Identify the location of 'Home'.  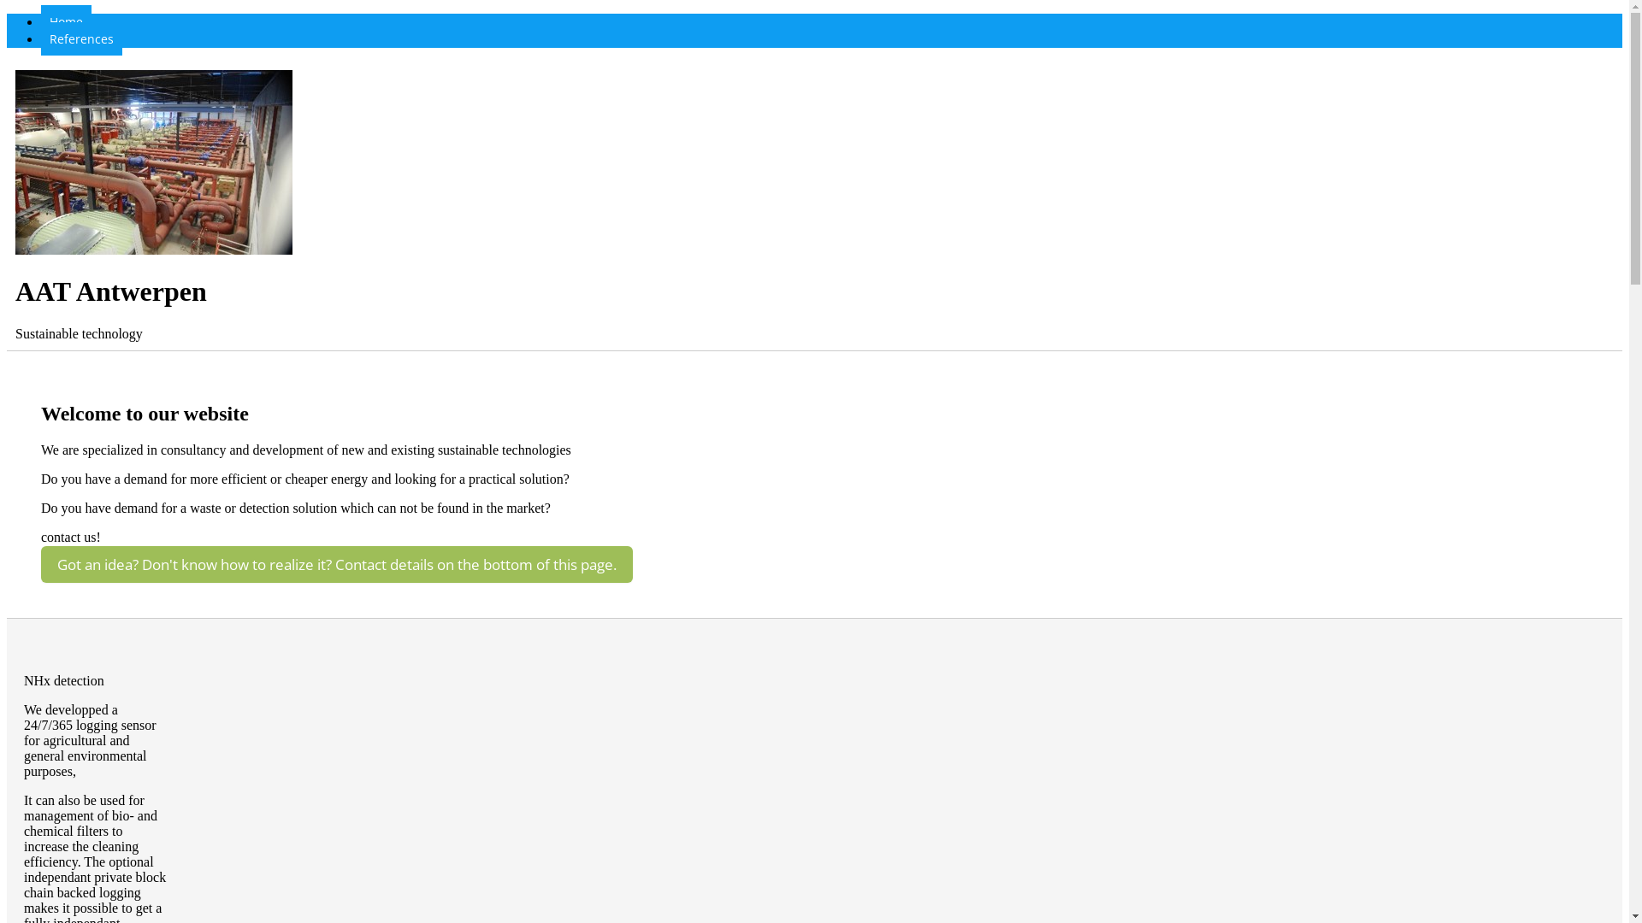
(66, 21).